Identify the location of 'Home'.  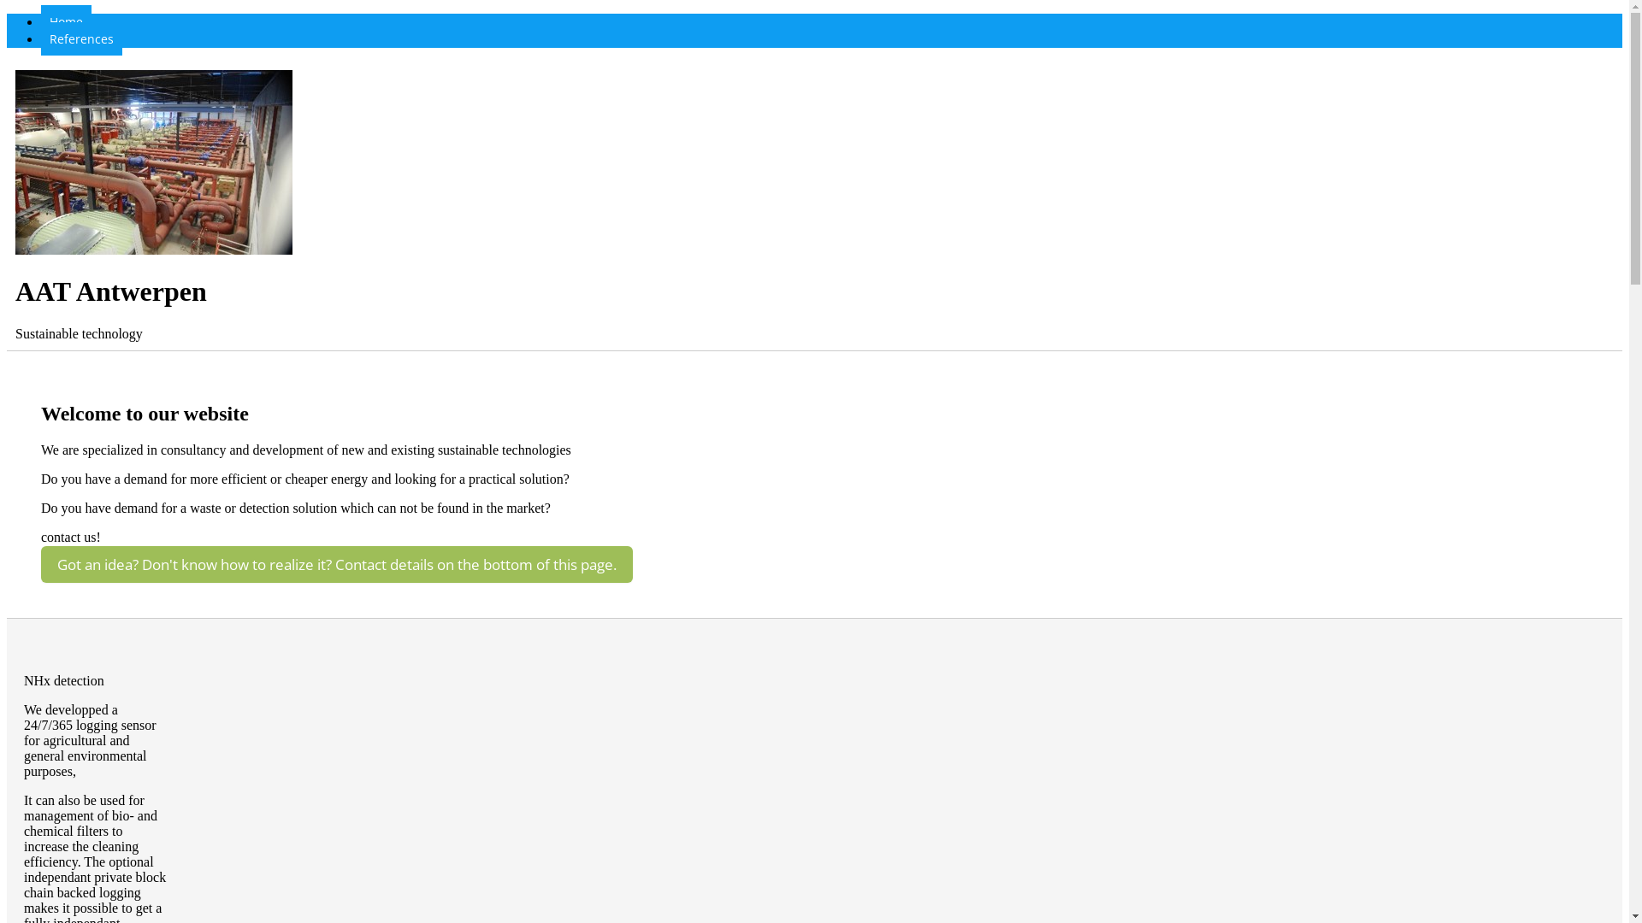
(66, 21).